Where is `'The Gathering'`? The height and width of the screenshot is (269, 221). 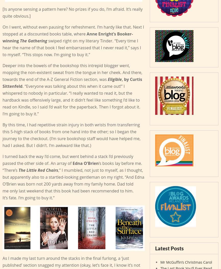 'The Gathering' is located at coordinates (20, 40).